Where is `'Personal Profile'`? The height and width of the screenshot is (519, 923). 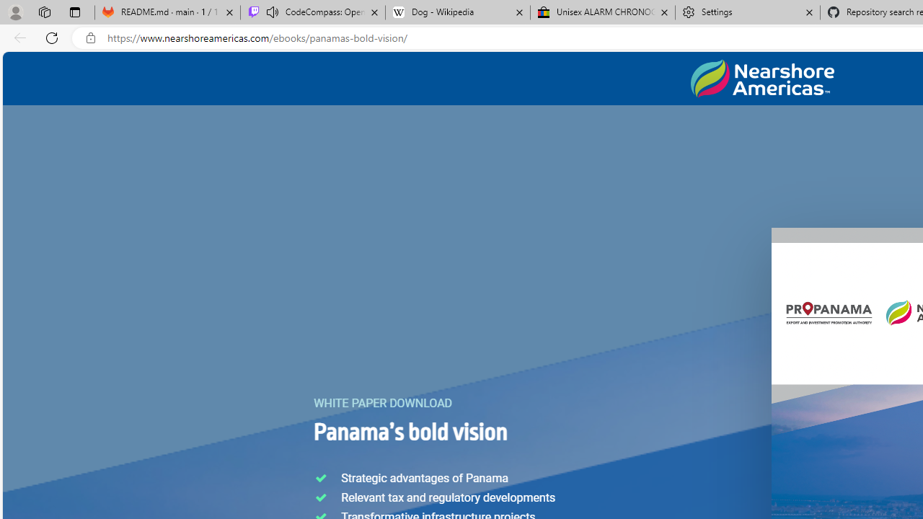 'Personal Profile' is located at coordinates (15, 12).